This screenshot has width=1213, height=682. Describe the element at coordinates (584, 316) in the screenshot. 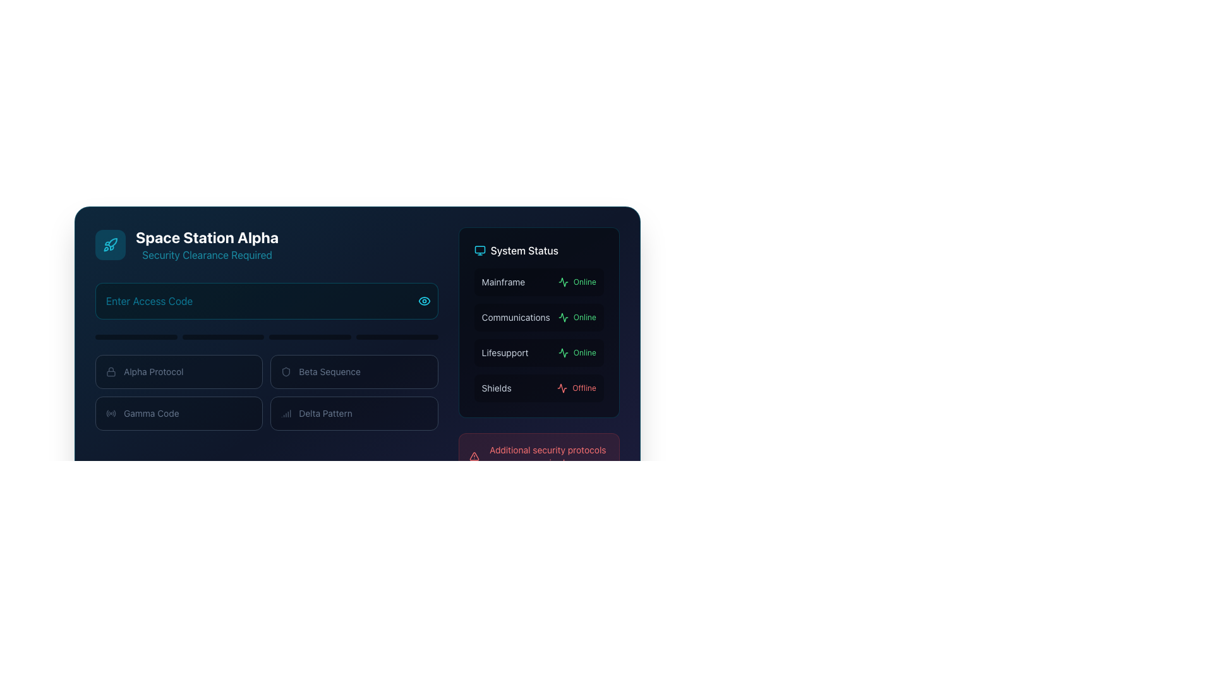

I see `status text from the 'Communications' system status indicator located in the 'System Status' panel, which is positioned to the right of the heartbeat-like activity icon` at that location.